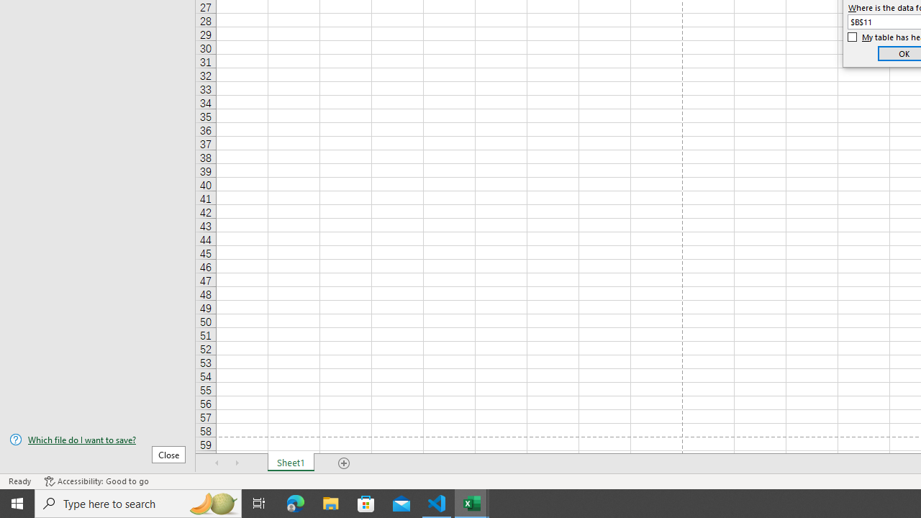  What do you see at coordinates (96, 481) in the screenshot?
I see `'Accessibility Checker Accessibility: Good to go'` at bounding box center [96, 481].